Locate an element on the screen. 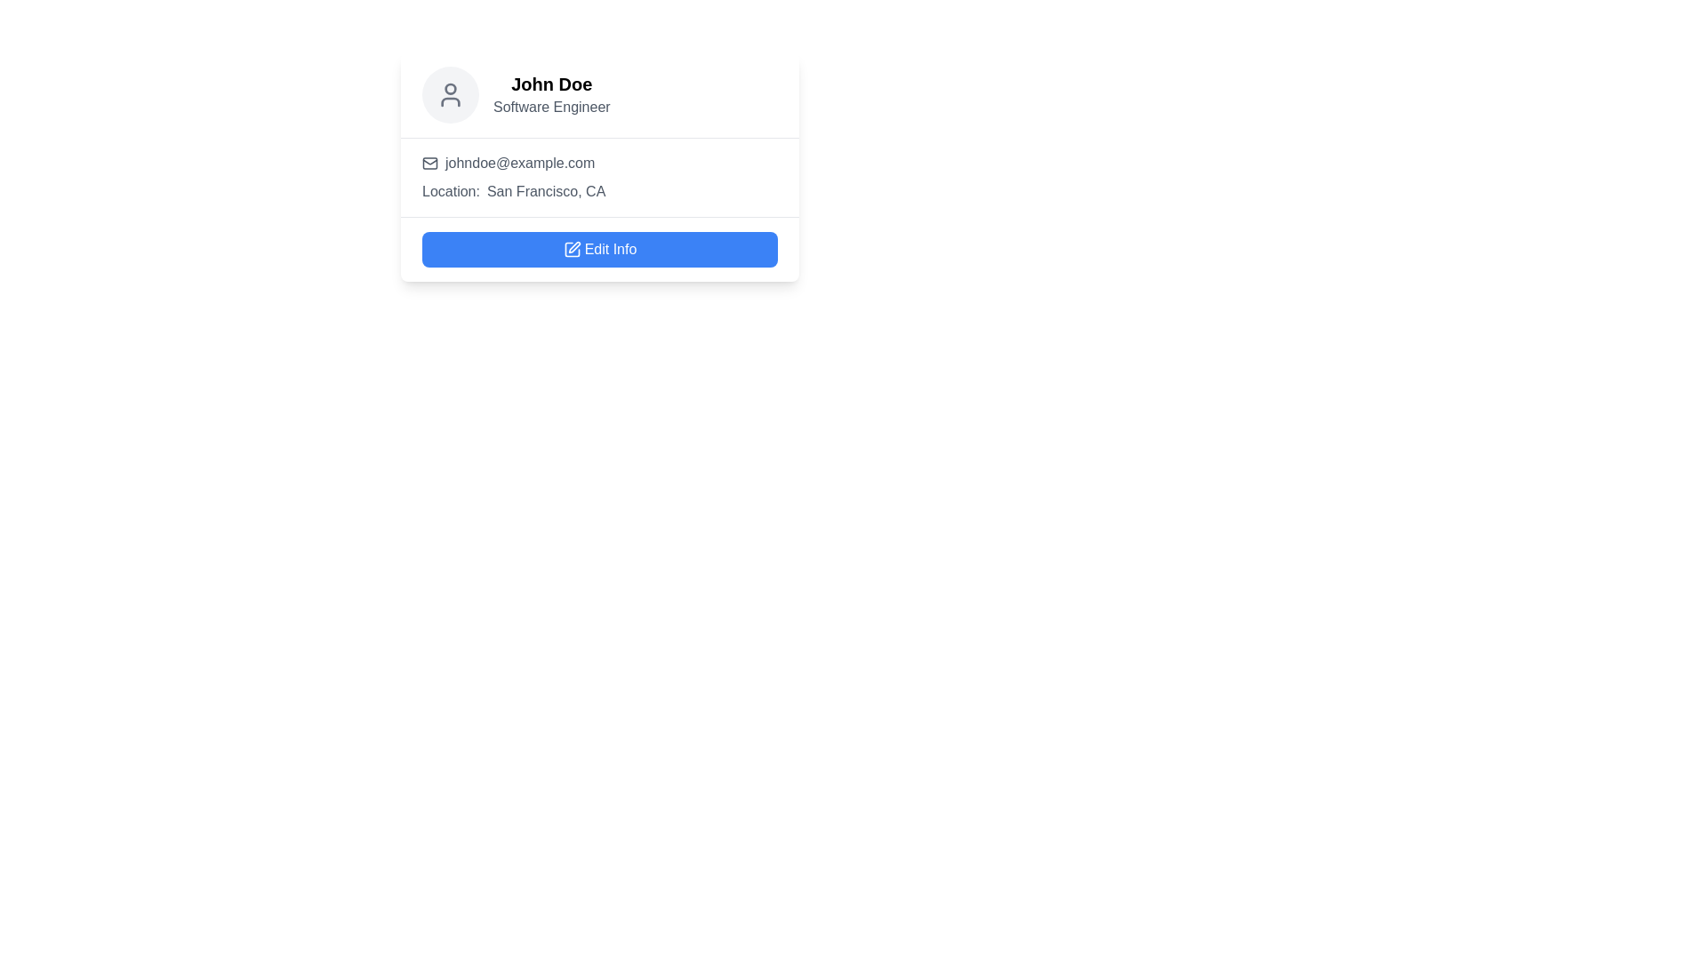  the edit button located at the bottom section of the profile card to activate accessibility features is located at coordinates (600, 250).